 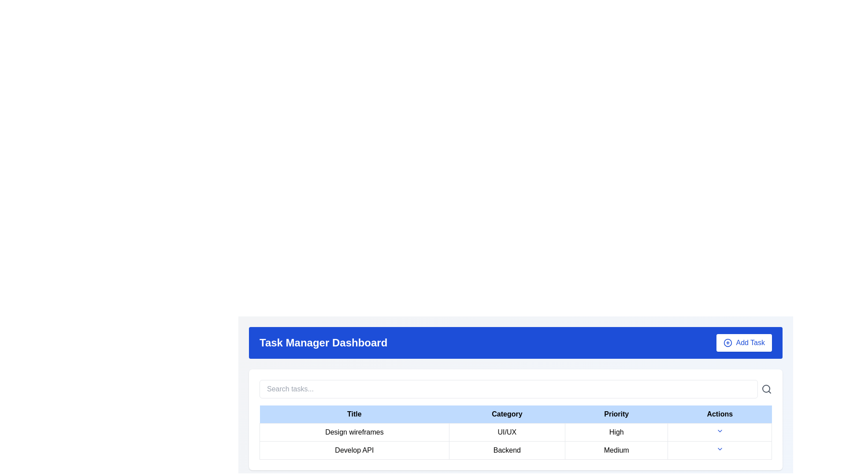 I want to click on the Graphical Circle located in the top-right corner of the dashboard header, which visually indicates an action, so click(x=728, y=342).